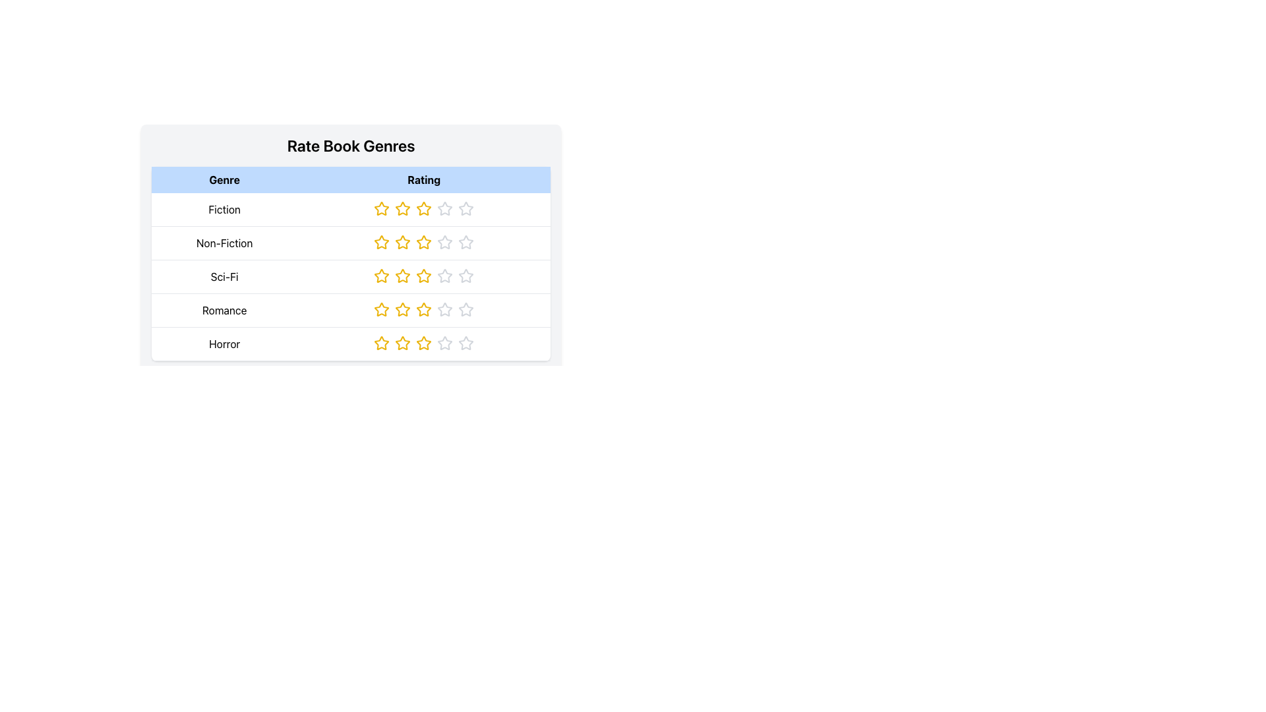 The image size is (1266, 712). I want to click on the fourth star icon from the left in the 'Sci-Fi' rating section of the 'Rate Book Genres' table, so click(445, 275).